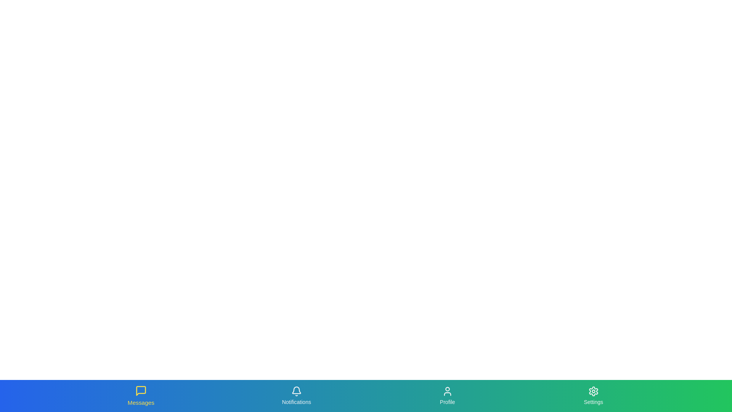  What do you see at coordinates (296, 395) in the screenshot?
I see `the Notifications tab to interact with it` at bounding box center [296, 395].